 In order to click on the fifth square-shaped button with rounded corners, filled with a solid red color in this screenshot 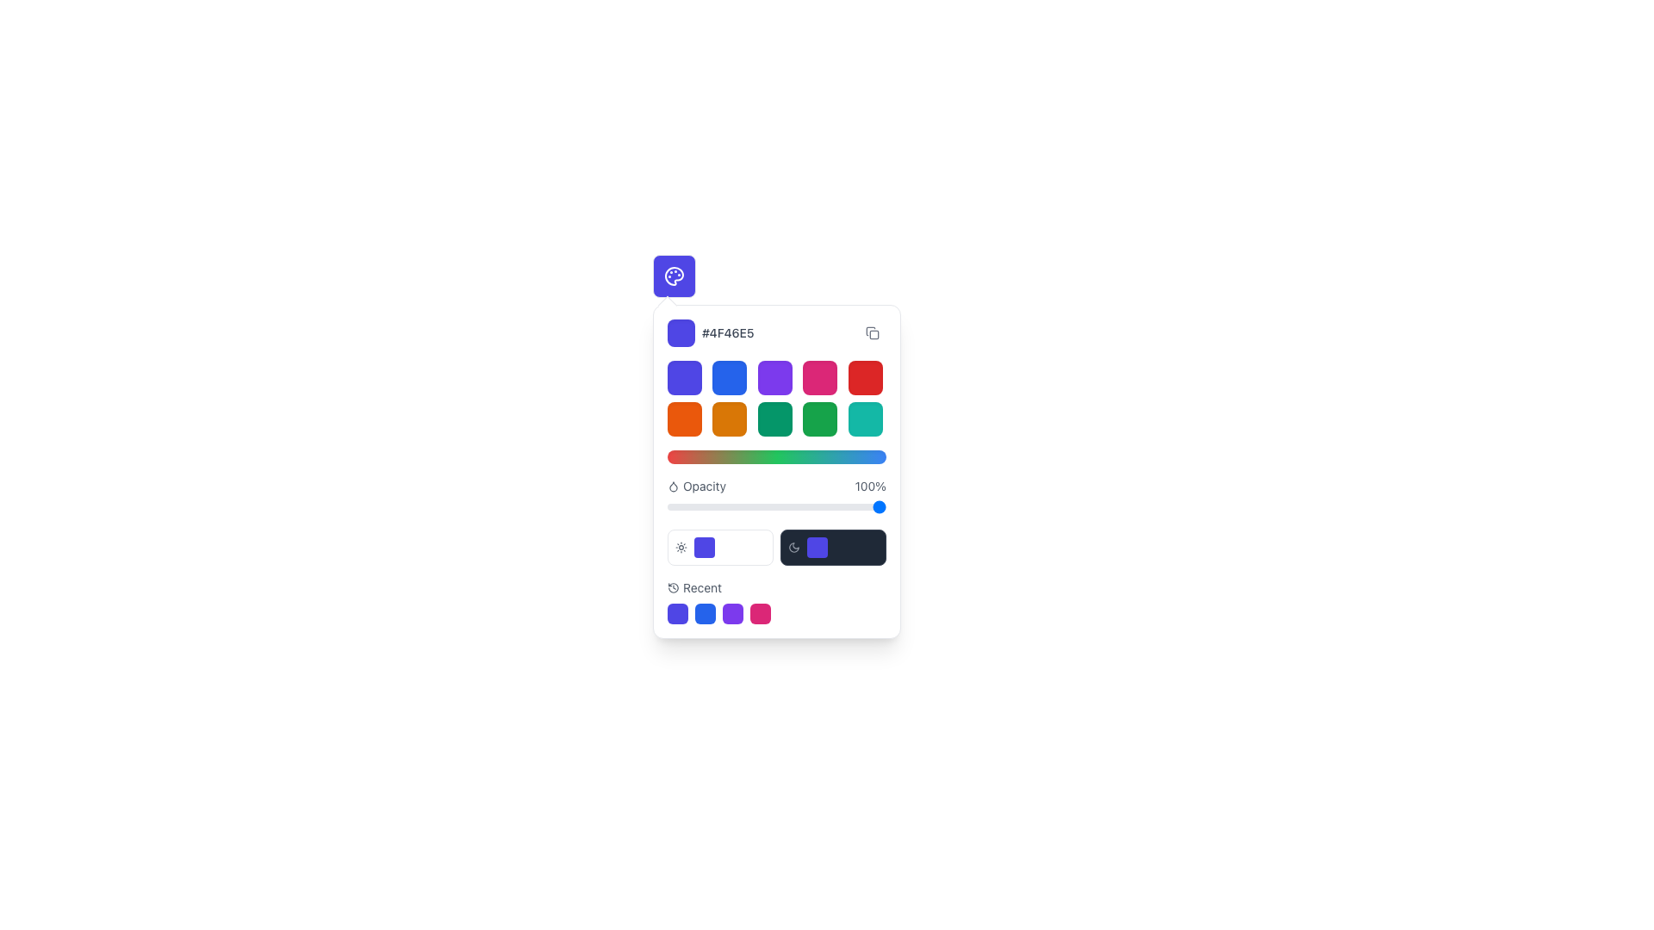, I will do `click(865, 377)`.